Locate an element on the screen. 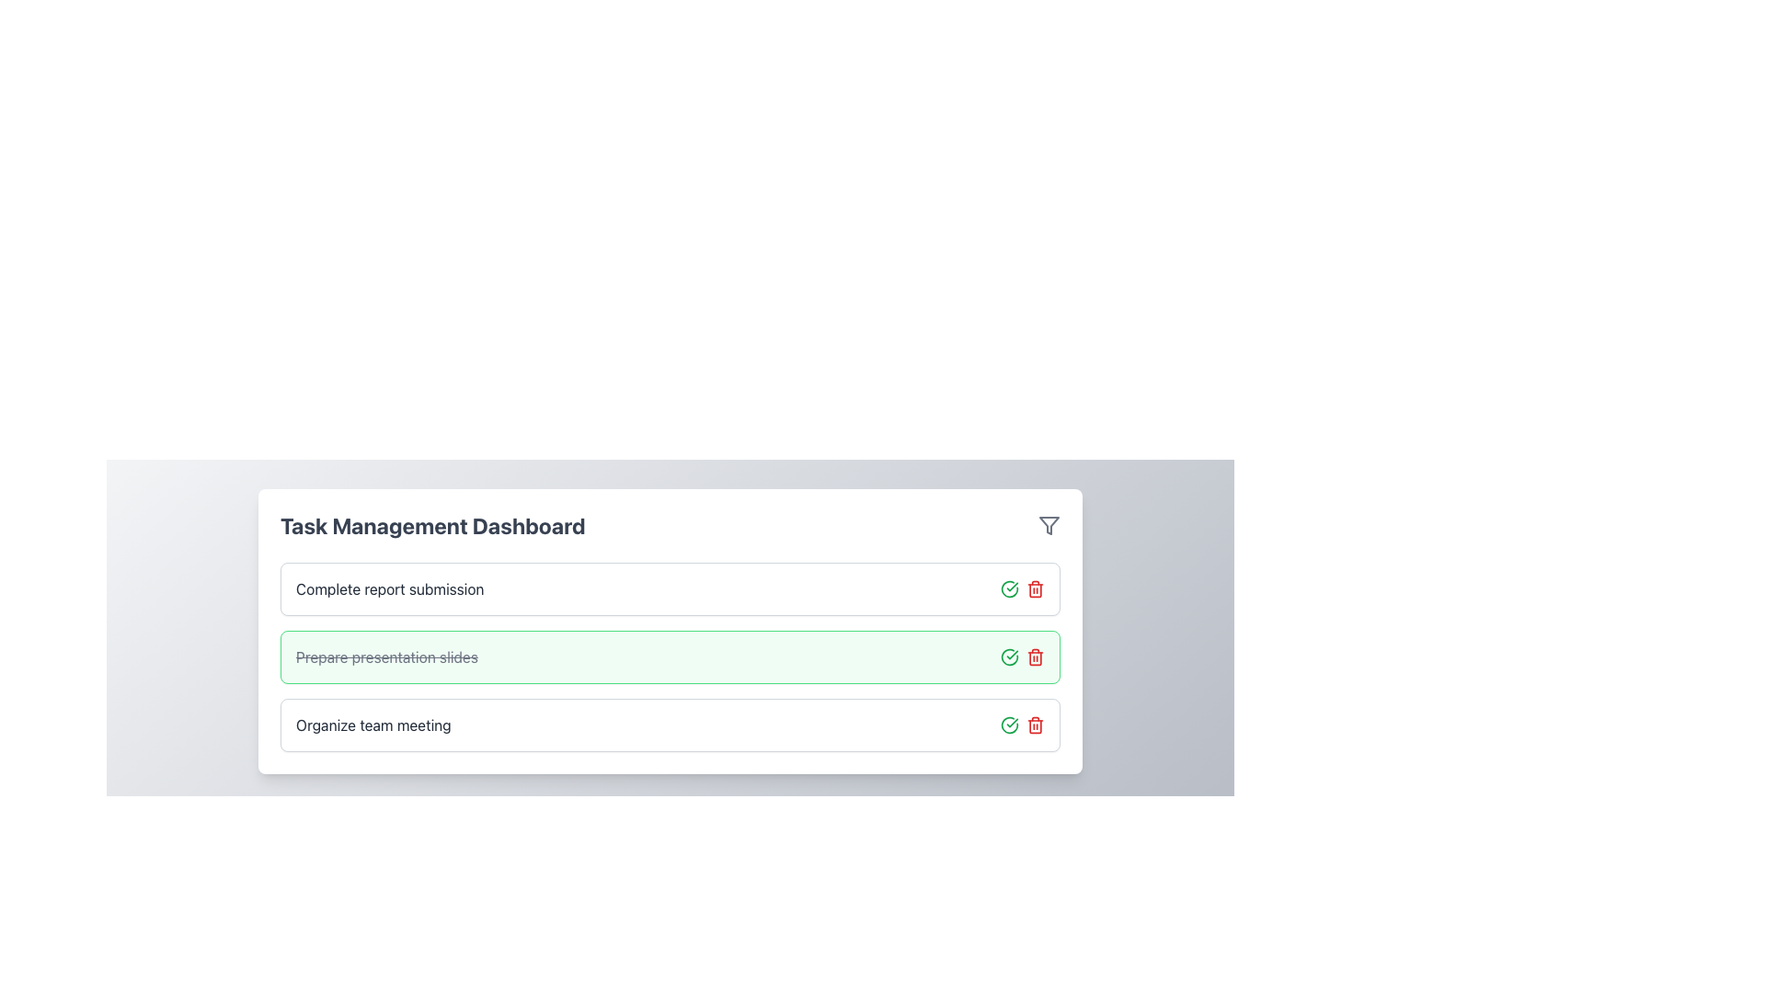 This screenshot has width=1766, height=993. the delete button icon in the 'Task Management Dashboard' to change its color to a darker red is located at coordinates (1036, 656).